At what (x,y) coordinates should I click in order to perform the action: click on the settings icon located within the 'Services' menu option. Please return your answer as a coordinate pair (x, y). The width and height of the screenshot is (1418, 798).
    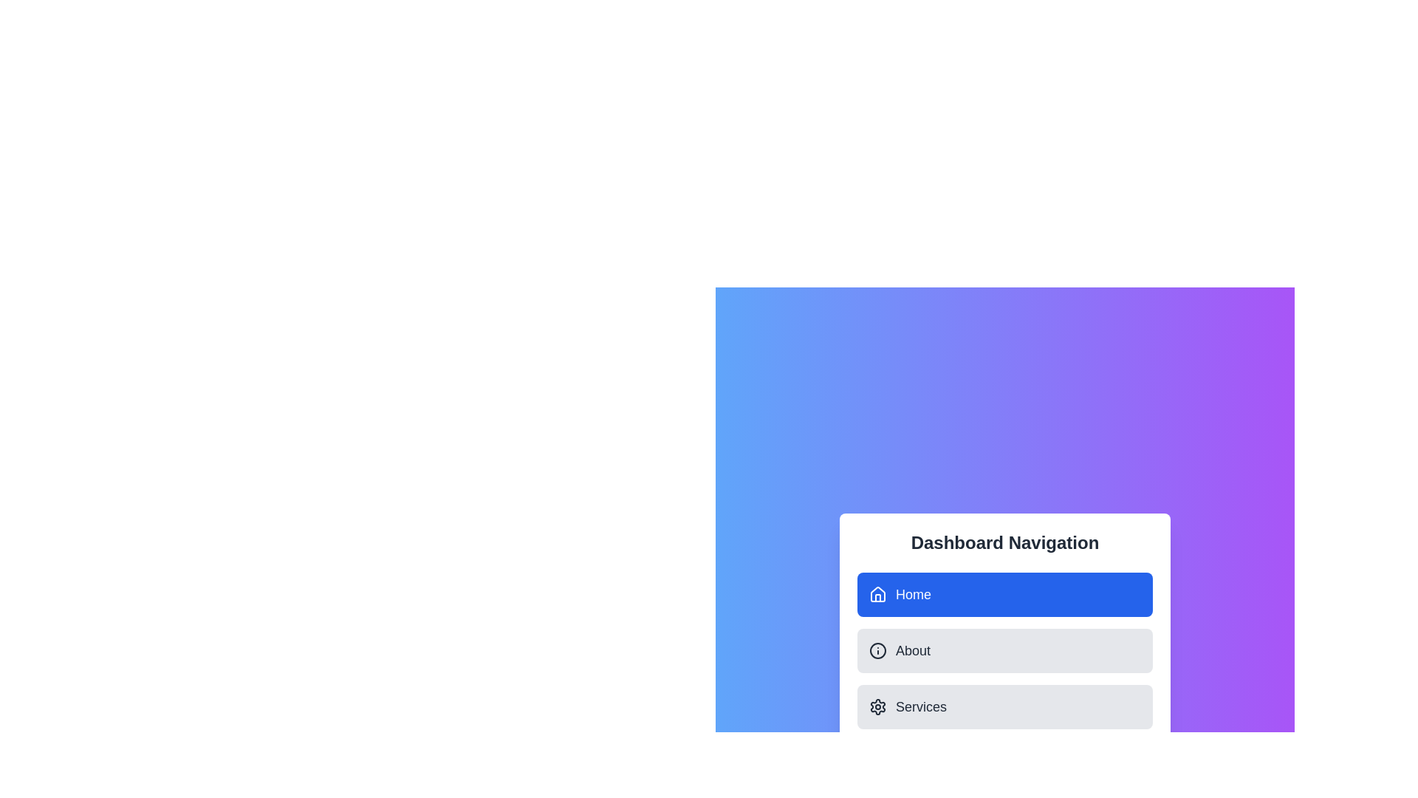
    Looking at the image, I should click on (878, 706).